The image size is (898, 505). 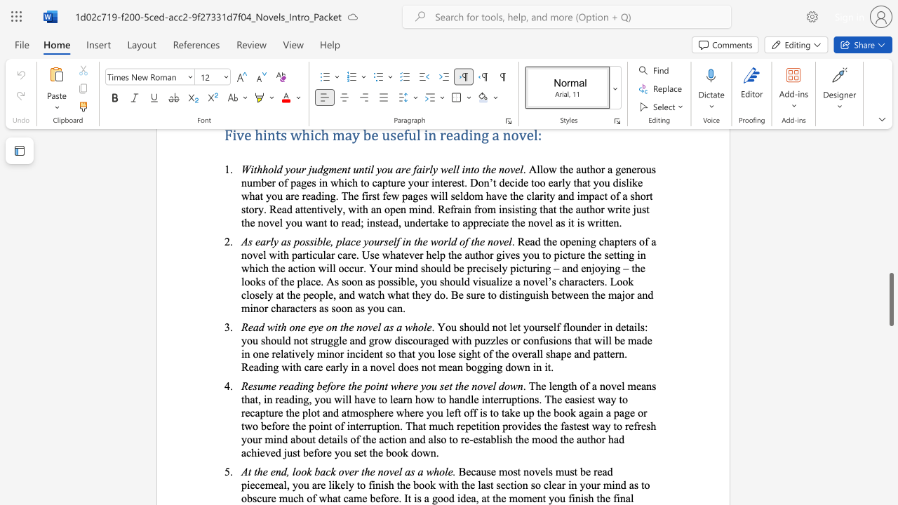 I want to click on the scrollbar to adjust the page upward, so click(x=890, y=84).